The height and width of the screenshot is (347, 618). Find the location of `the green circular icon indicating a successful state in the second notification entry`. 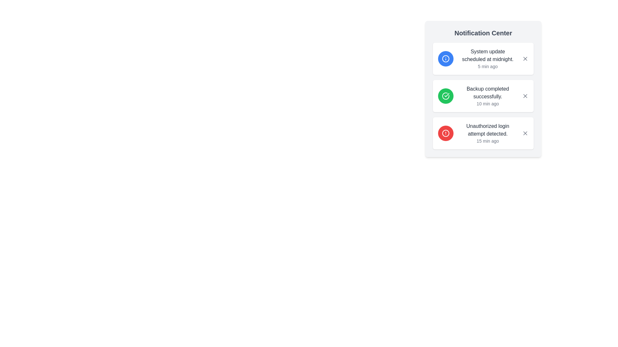

the green circular icon indicating a successful state in the second notification entry is located at coordinates (445, 96).